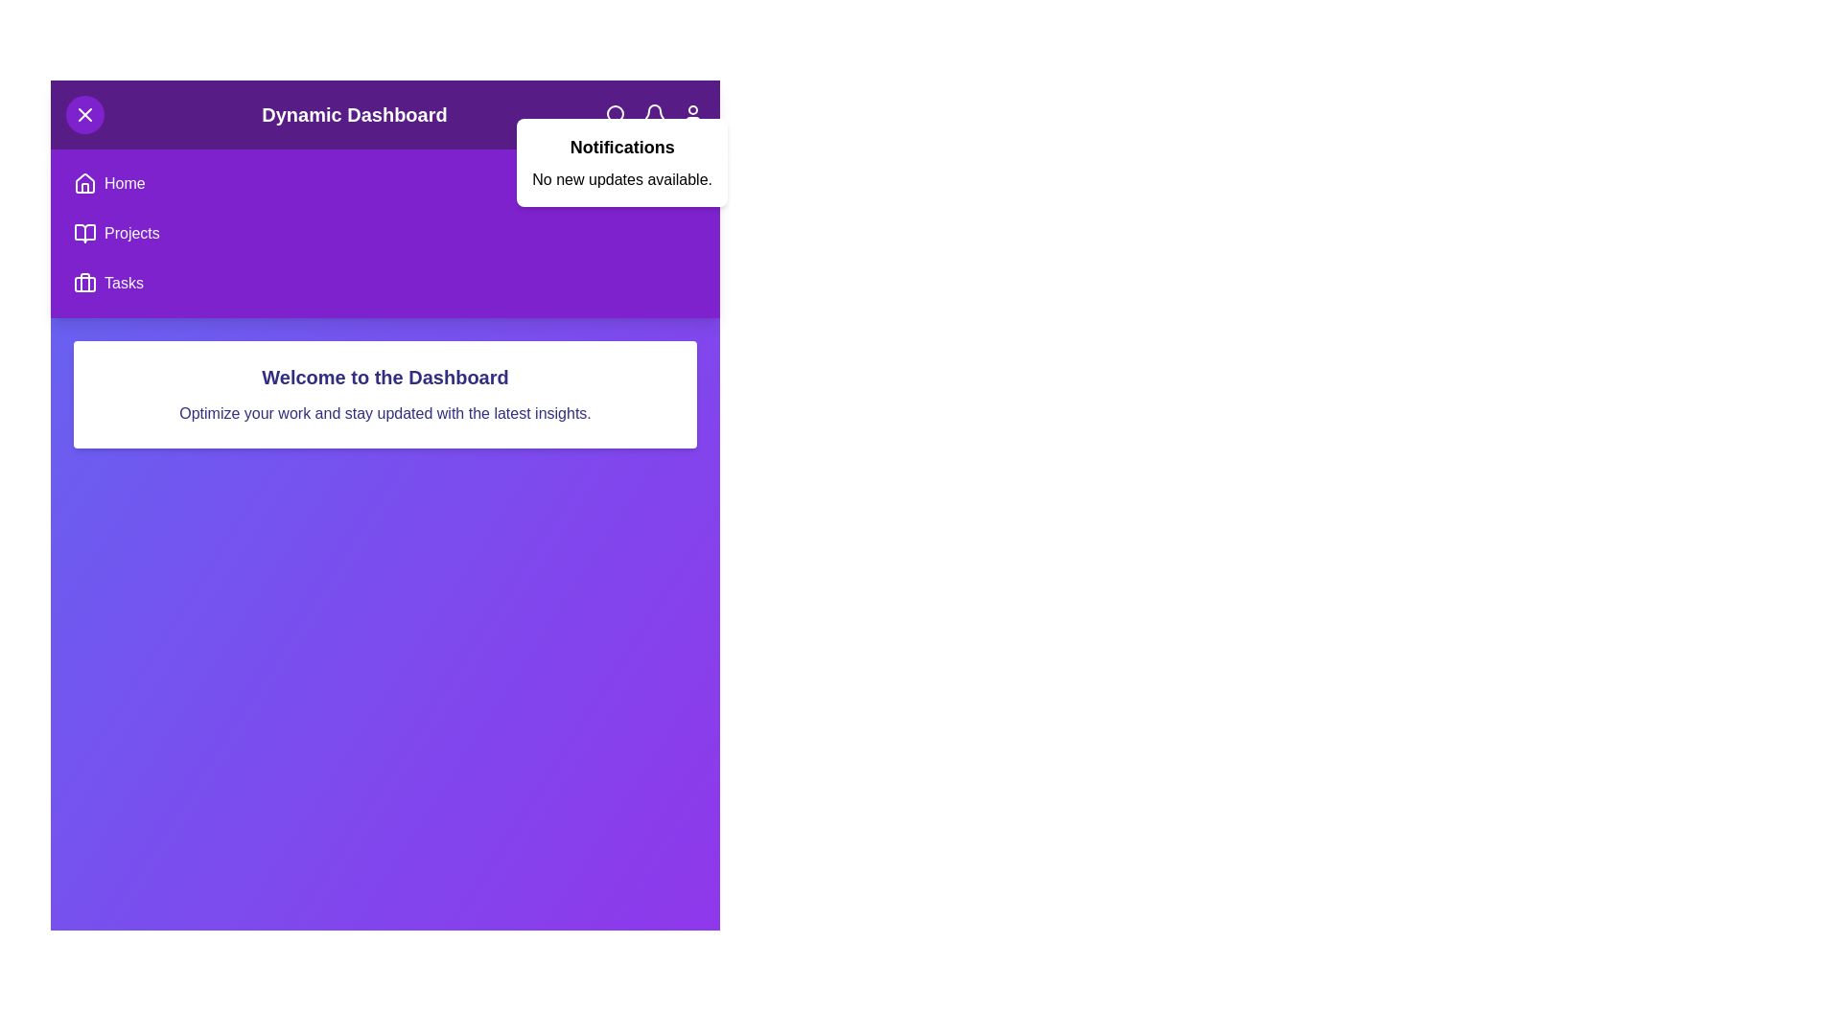 The height and width of the screenshot is (1035, 1841). Describe the element at coordinates (385, 377) in the screenshot. I see `the welcome message displayed in the component` at that location.